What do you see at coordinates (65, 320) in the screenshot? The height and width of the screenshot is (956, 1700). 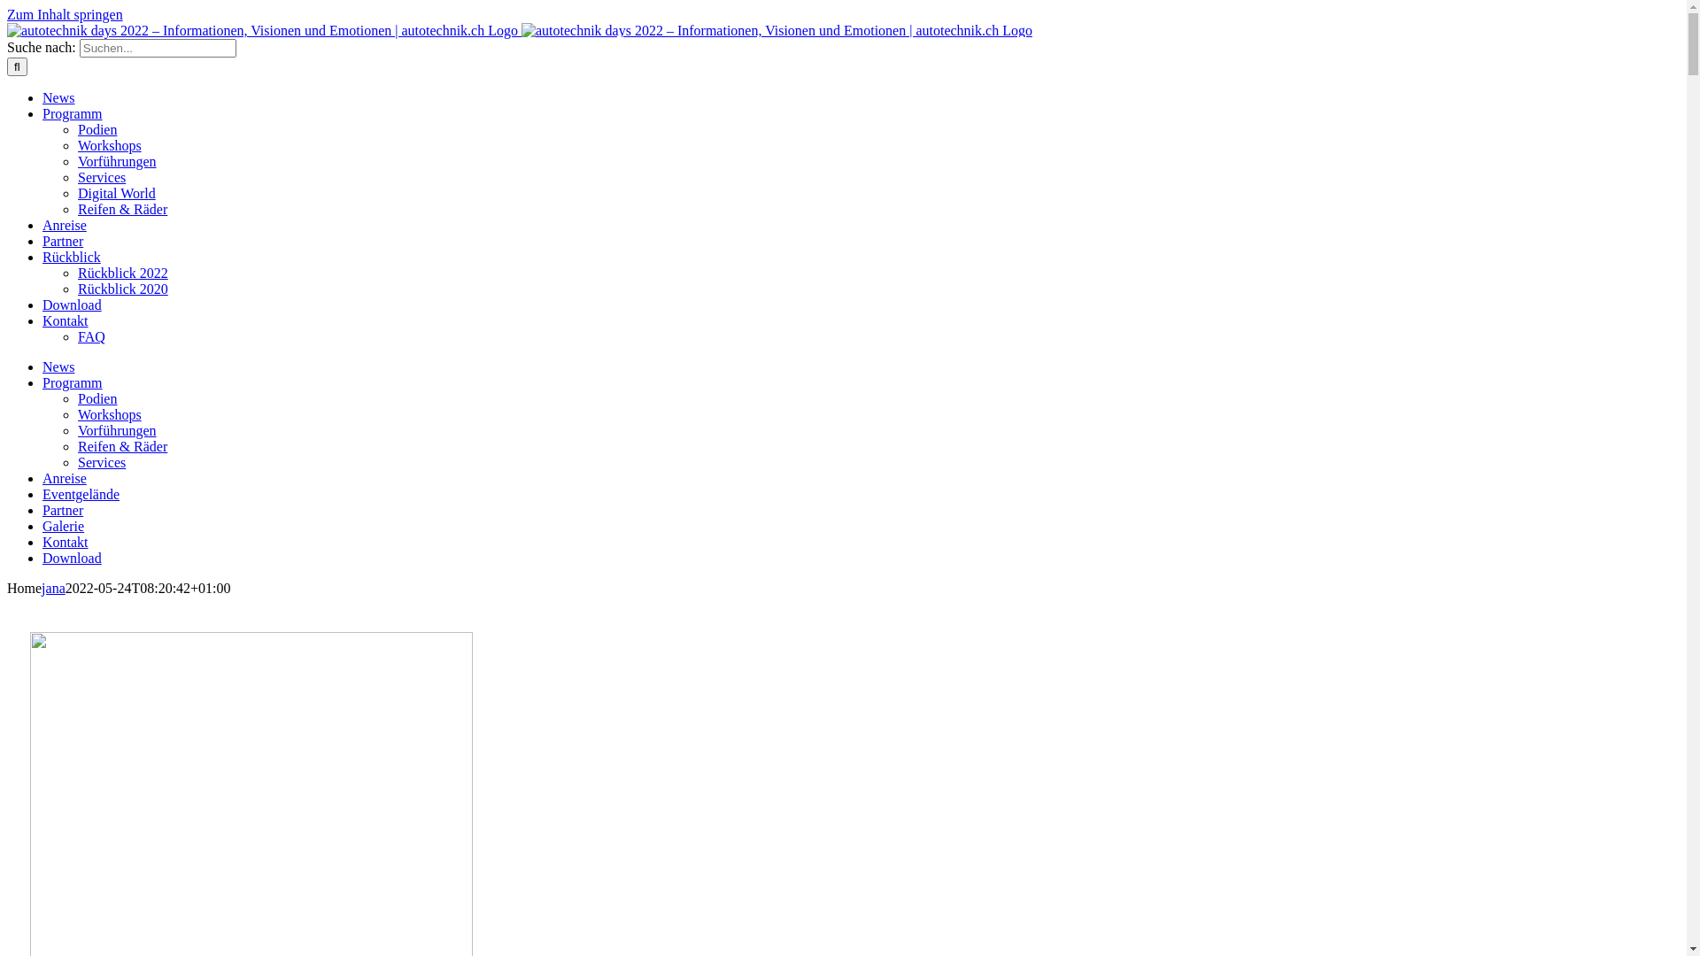 I see `'Kontakt'` at bounding box center [65, 320].